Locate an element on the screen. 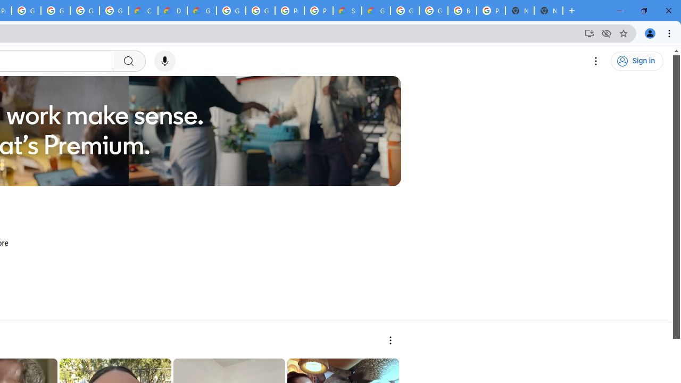 Image resolution: width=681 pixels, height=383 pixels. 'Google Cloud Platform' is located at coordinates (260, 11).